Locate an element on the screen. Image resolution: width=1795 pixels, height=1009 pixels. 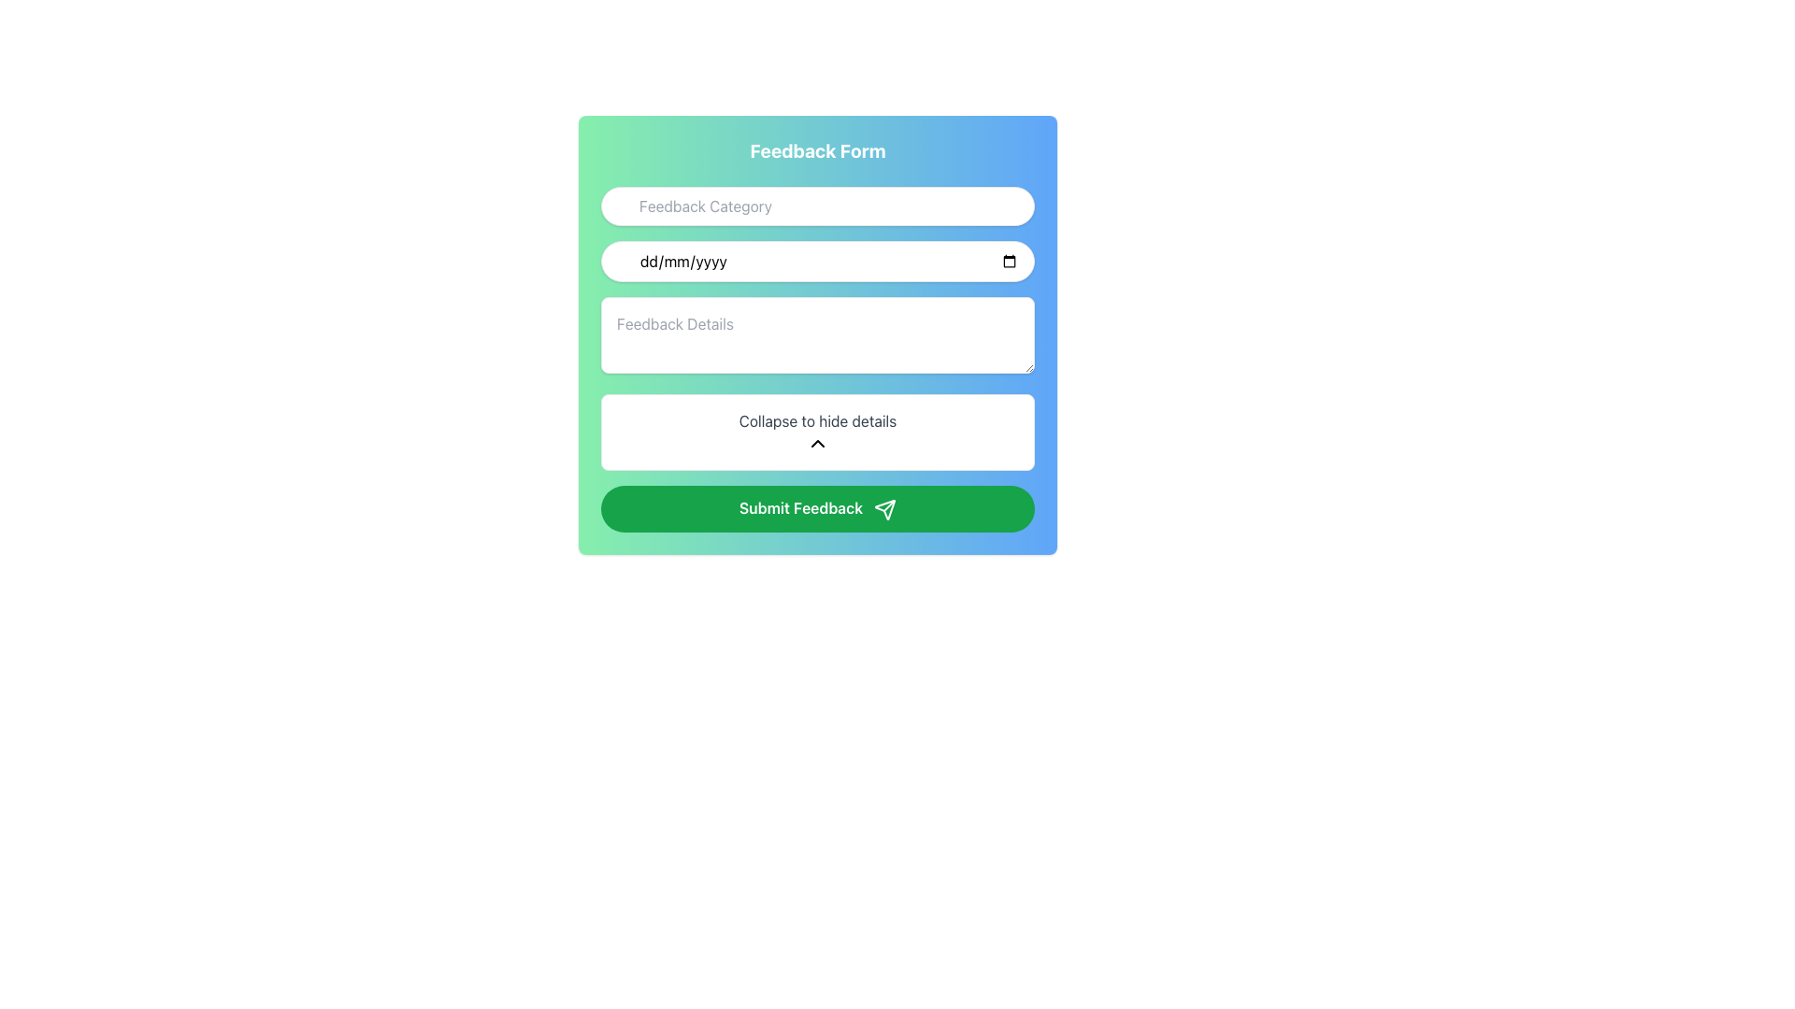
the descriptive Text label indicating the collapsible section above the upward-pointing chevron icon is located at coordinates (817, 421).